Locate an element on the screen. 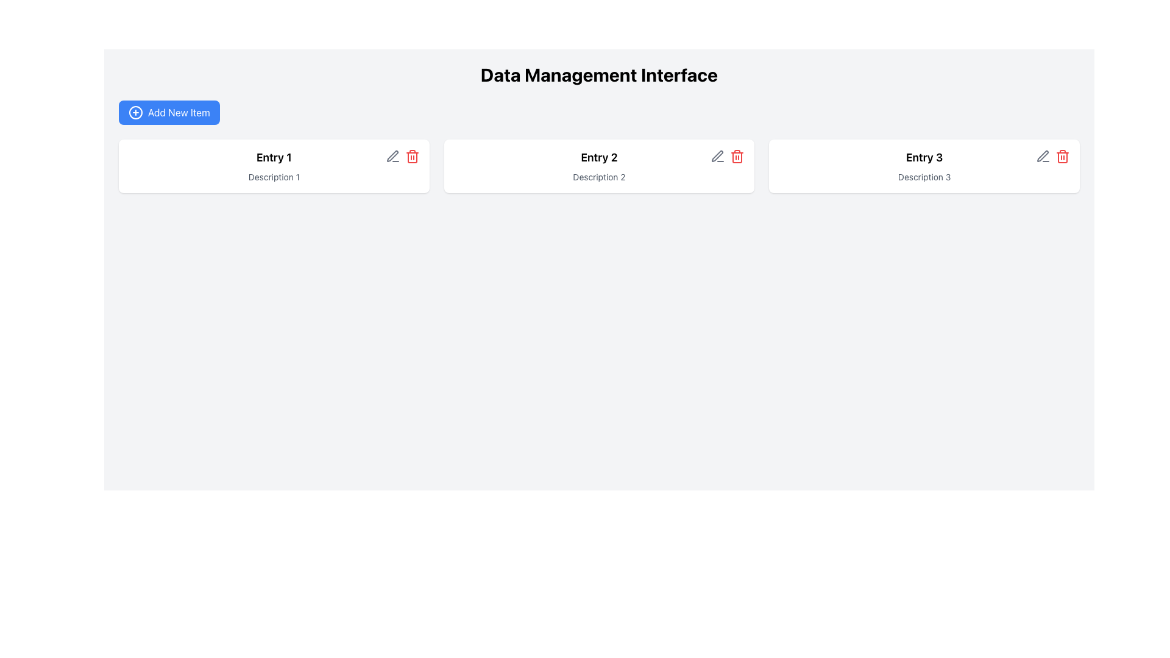  the circular SVG shape element that is part of the 'Add New Item' button, located at the top-left corner of the interface is located at coordinates (135, 113).